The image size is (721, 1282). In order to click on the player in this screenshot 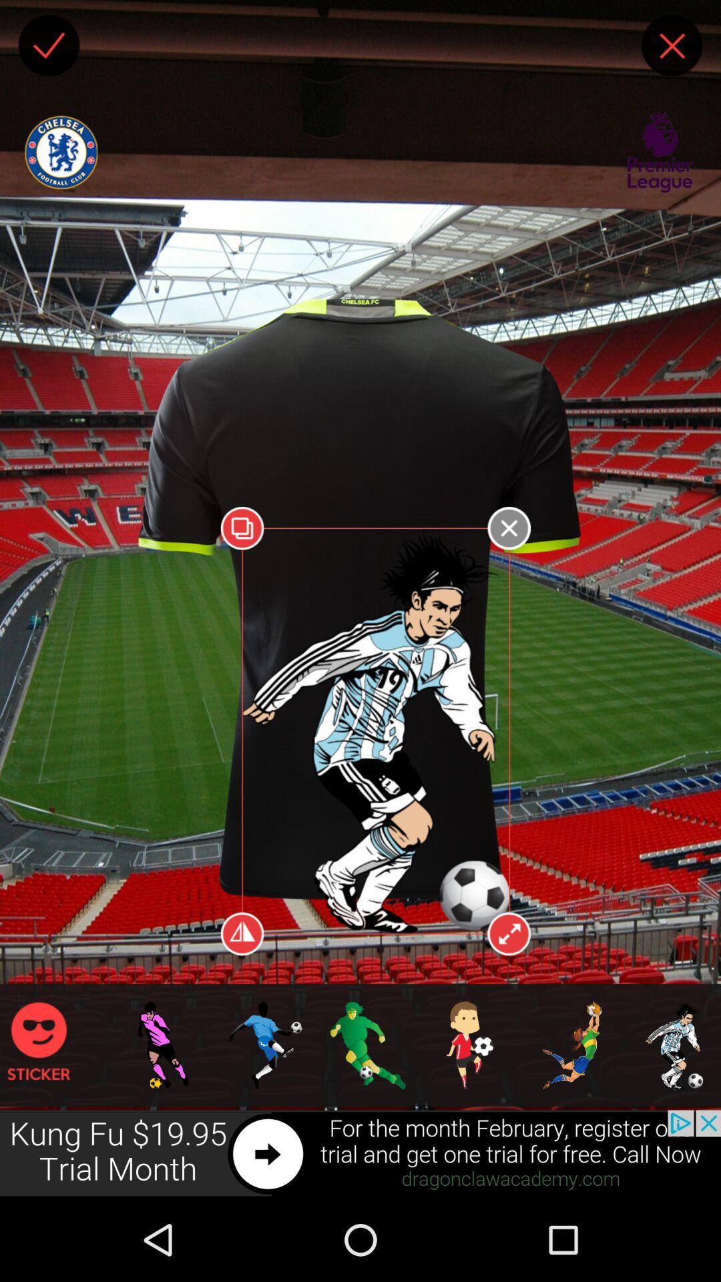, I will do `click(48, 45)`.